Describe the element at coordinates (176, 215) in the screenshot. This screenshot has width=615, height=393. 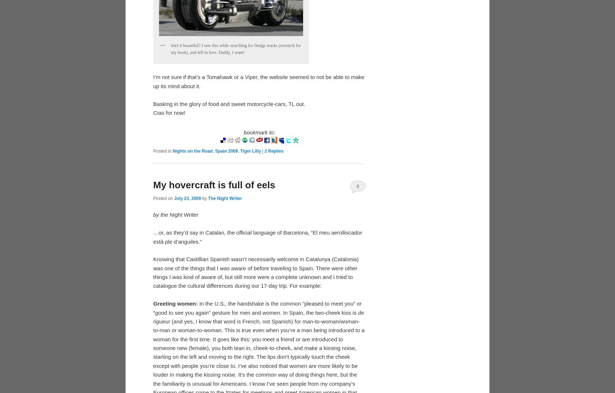
I see `'by the Night Writer'` at that location.